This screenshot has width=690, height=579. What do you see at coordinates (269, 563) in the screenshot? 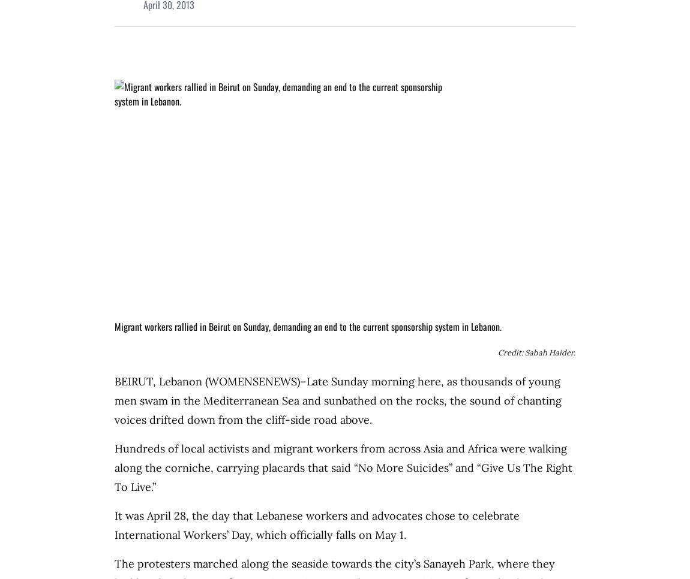
I see `'The protesters marched along the seaside towards the city’s'` at bounding box center [269, 563].